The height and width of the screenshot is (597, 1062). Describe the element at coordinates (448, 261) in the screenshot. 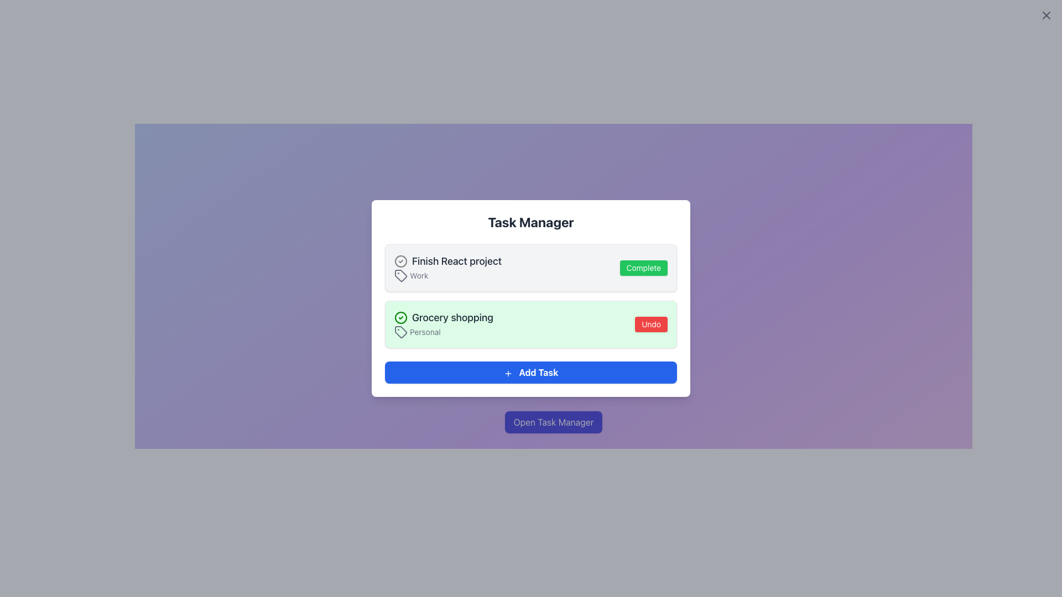

I see `the task title element displaying 'Finish React project', which is styled in gray and positioned above 'Grocery shopping' in the task management interface` at that location.